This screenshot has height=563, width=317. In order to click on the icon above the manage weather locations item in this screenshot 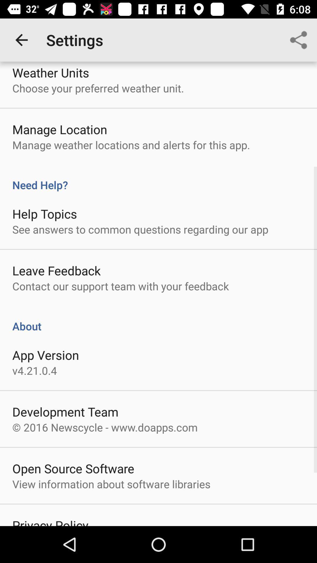, I will do `click(60, 129)`.